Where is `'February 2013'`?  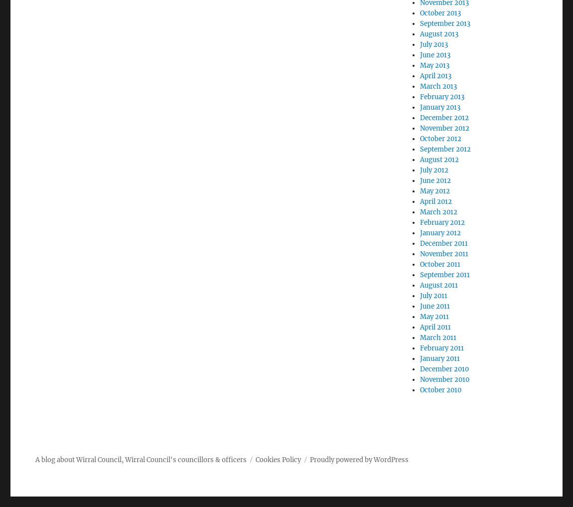
'February 2013' is located at coordinates (442, 97).